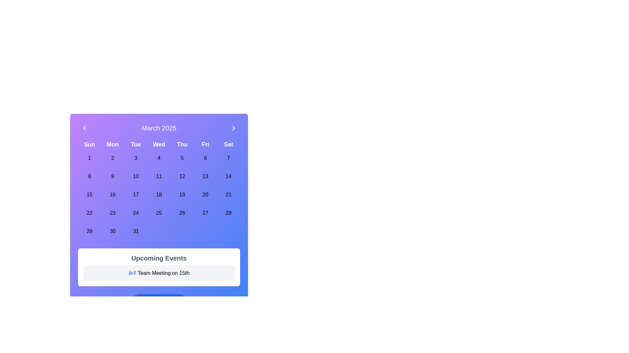 Image resolution: width=629 pixels, height=353 pixels. What do you see at coordinates (228, 194) in the screenshot?
I see `the calendar date button representing the 21st day of the month` at bounding box center [228, 194].